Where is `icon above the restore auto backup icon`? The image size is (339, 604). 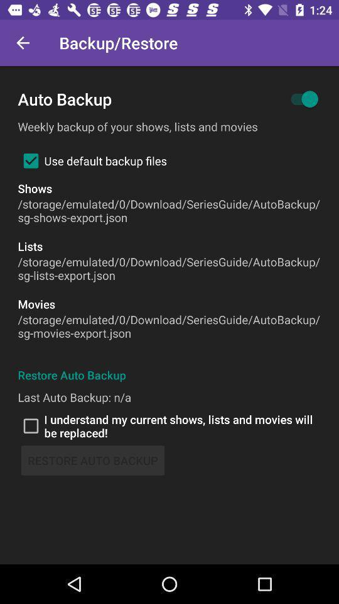 icon above the restore auto backup icon is located at coordinates (169, 426).